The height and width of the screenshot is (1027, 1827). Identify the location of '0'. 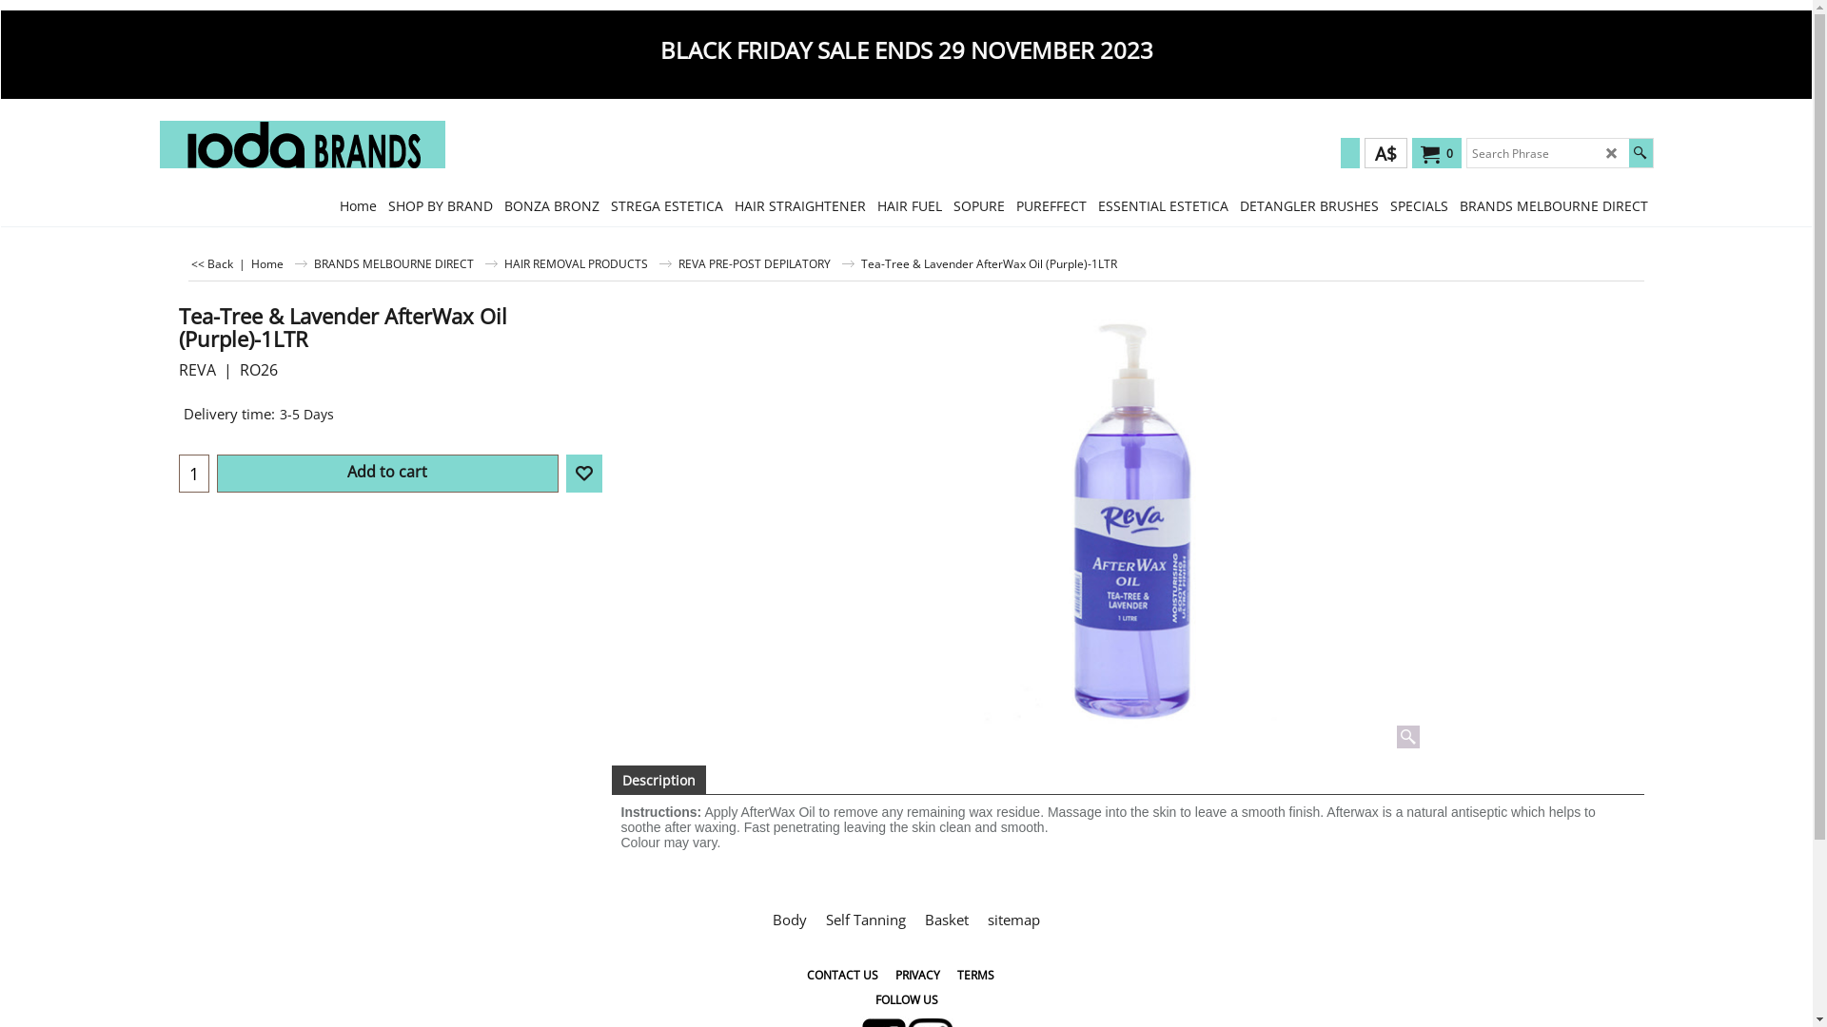
(1432, 153).